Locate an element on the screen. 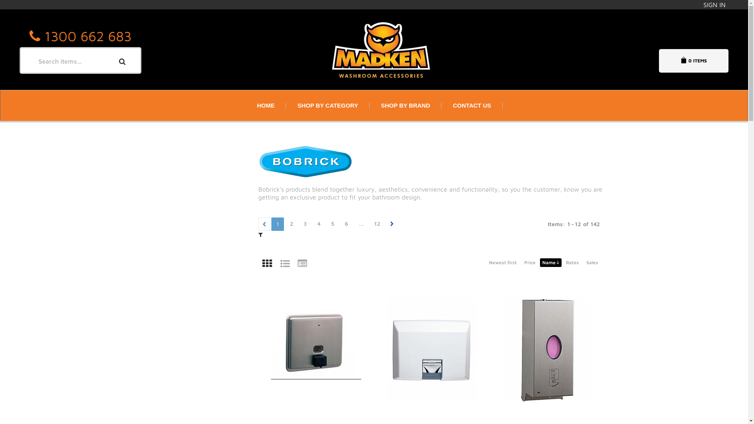 Image resolution: width=754 pixels, height=424 pixels. 'SIGN IN' is located at coordinates (714, 4).